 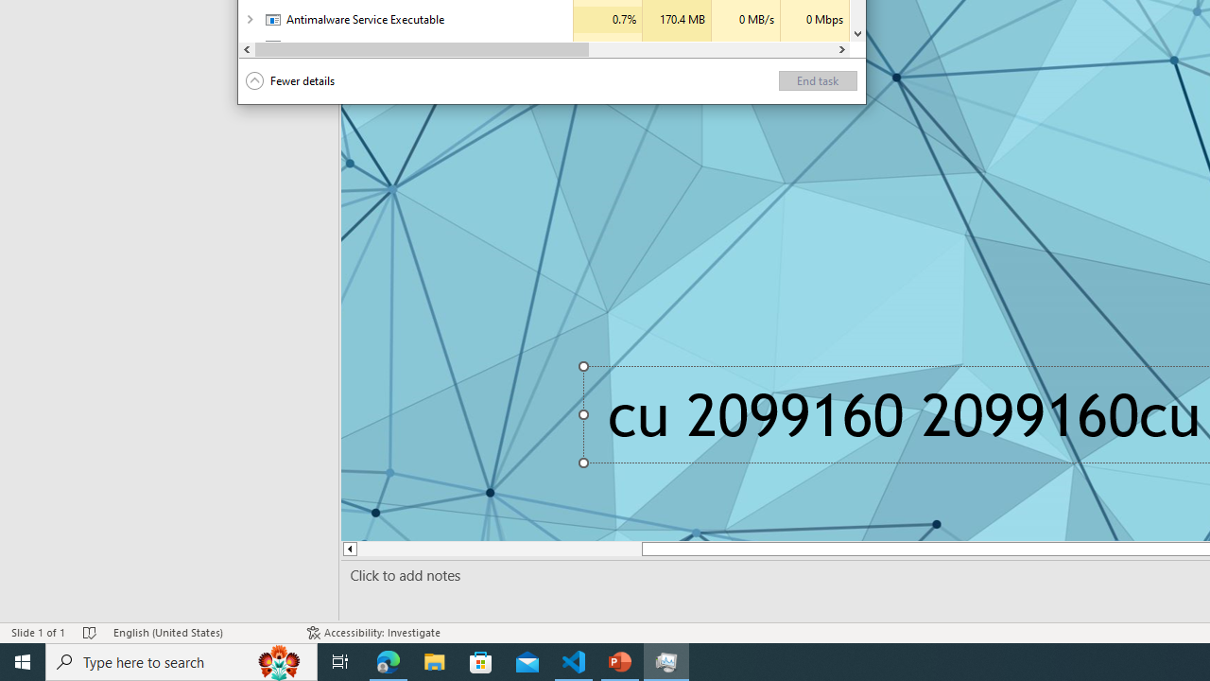 What do you see at coordinates (246, 48) in the screenshot?
I see `'Column left'` at bounding box center [246, 48].